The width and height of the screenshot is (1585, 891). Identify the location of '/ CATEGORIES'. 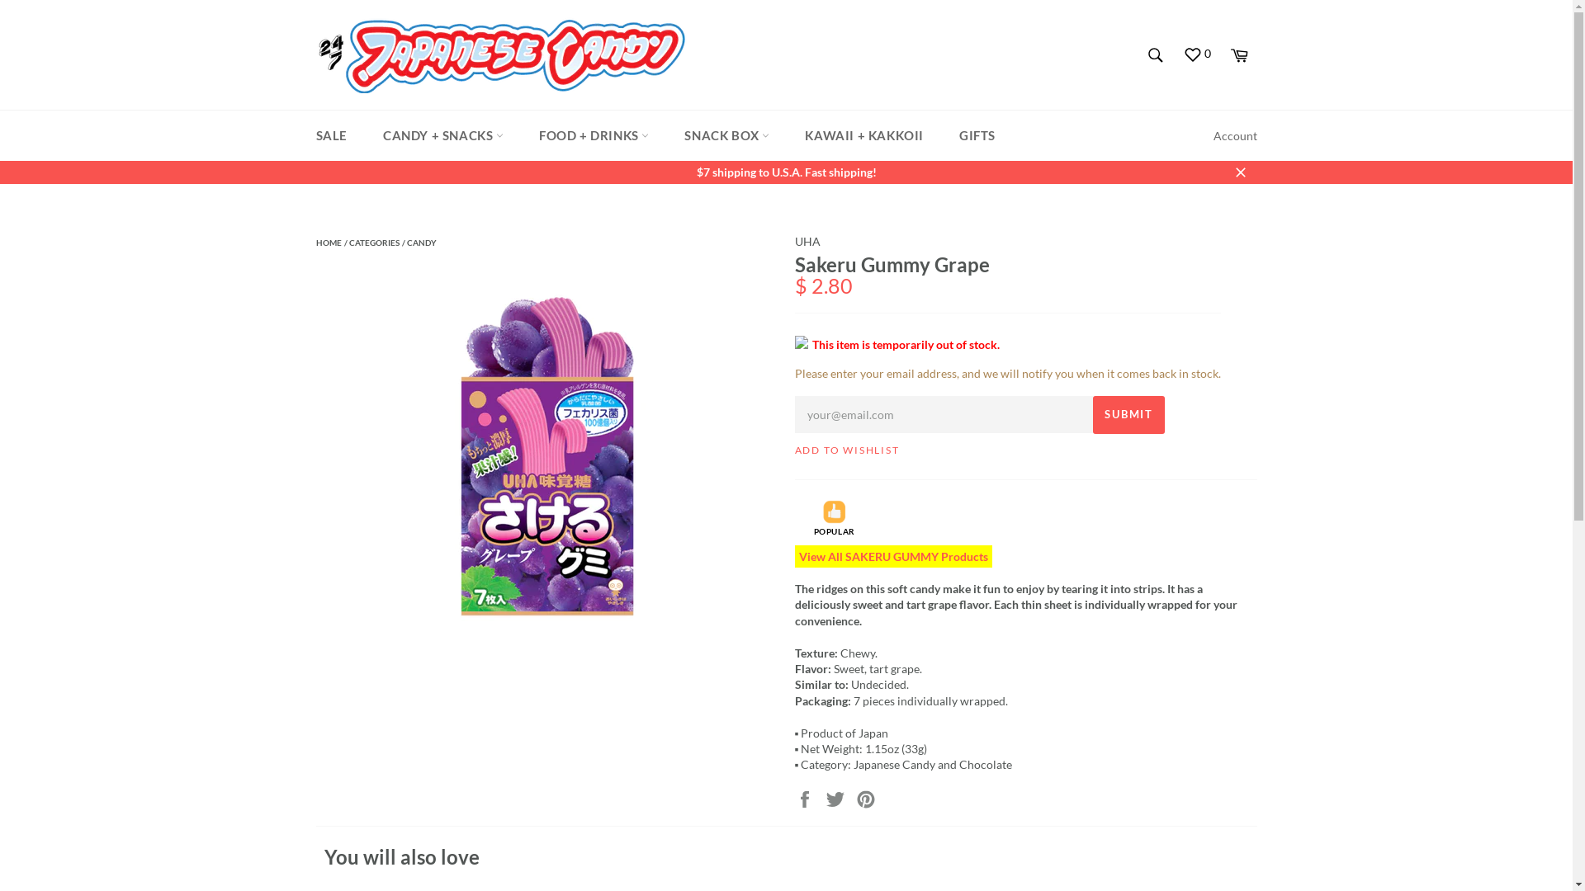
(343, 242).